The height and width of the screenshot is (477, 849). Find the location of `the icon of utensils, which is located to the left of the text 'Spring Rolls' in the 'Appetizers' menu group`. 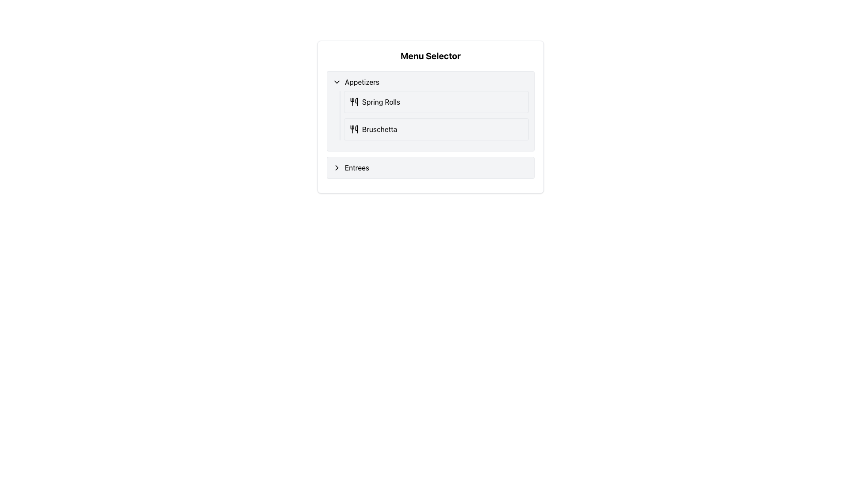

the icon of utensils, which is located to the left of the text 'Spring Rolls' in the 'Appetizers' menu group is located at coordinates (354, 102).